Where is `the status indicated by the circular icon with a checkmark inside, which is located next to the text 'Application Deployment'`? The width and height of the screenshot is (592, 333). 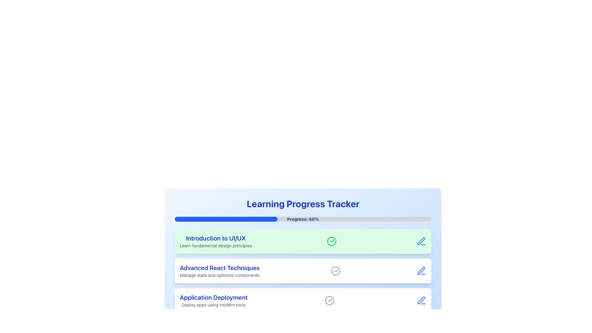
the status indicated by the circular icon with a checkmark inside, which is located next to the text 'Application Deployment' is located at coordinates (329, 300).